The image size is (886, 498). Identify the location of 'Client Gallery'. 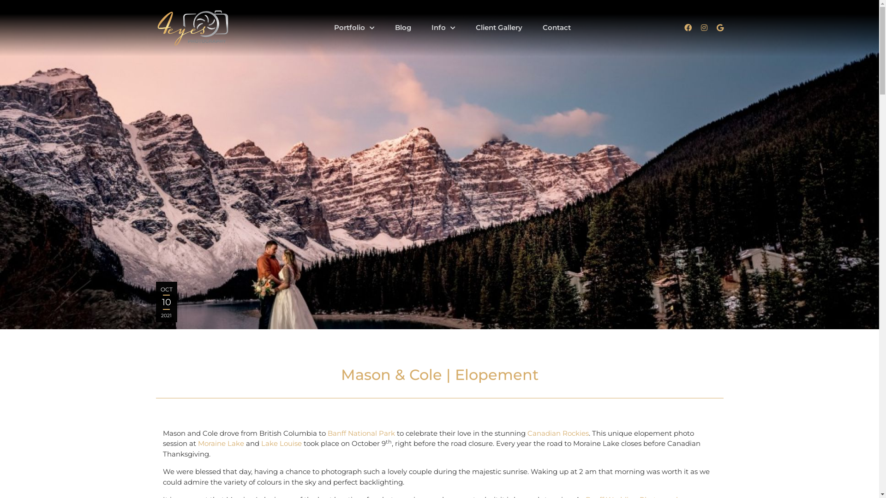
(498, 27).